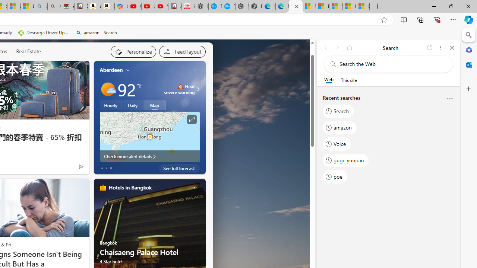 The image size is (477, 268). Describe the element at coordinates (198, 89) in the screenshot. I see `'Class: weather-arrow-glyph'` at that location.